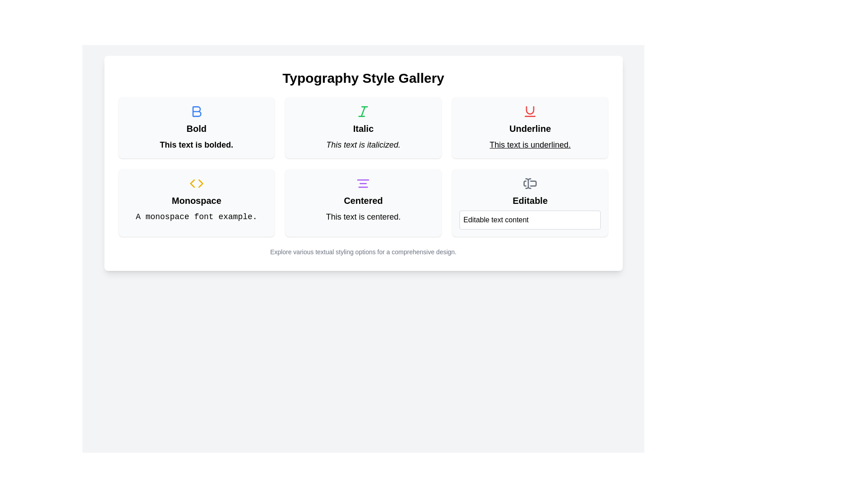  What do you see at coordinates (363, 144) in the screenshot?
I see `the italicized text reading 'This text is italicized.' located within the card labeled 'Italic'` at bounding box center [363, 144].